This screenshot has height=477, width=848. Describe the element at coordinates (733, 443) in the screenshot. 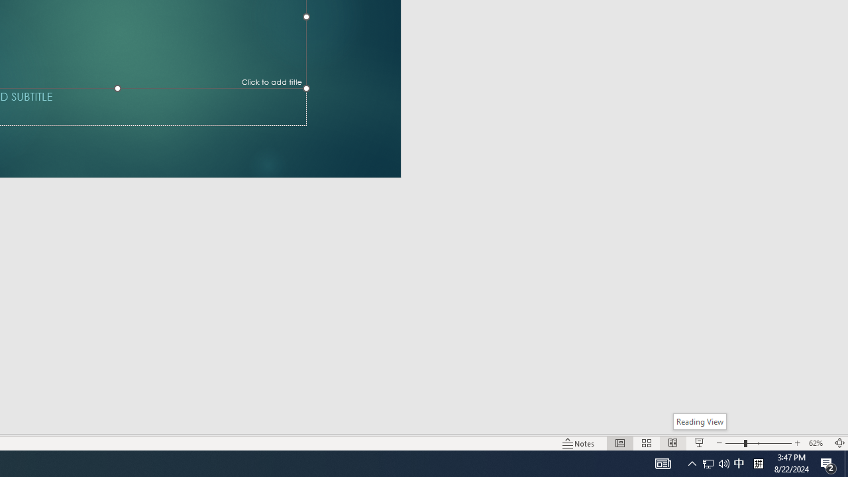

I see `'Zoom Out'` at that location.